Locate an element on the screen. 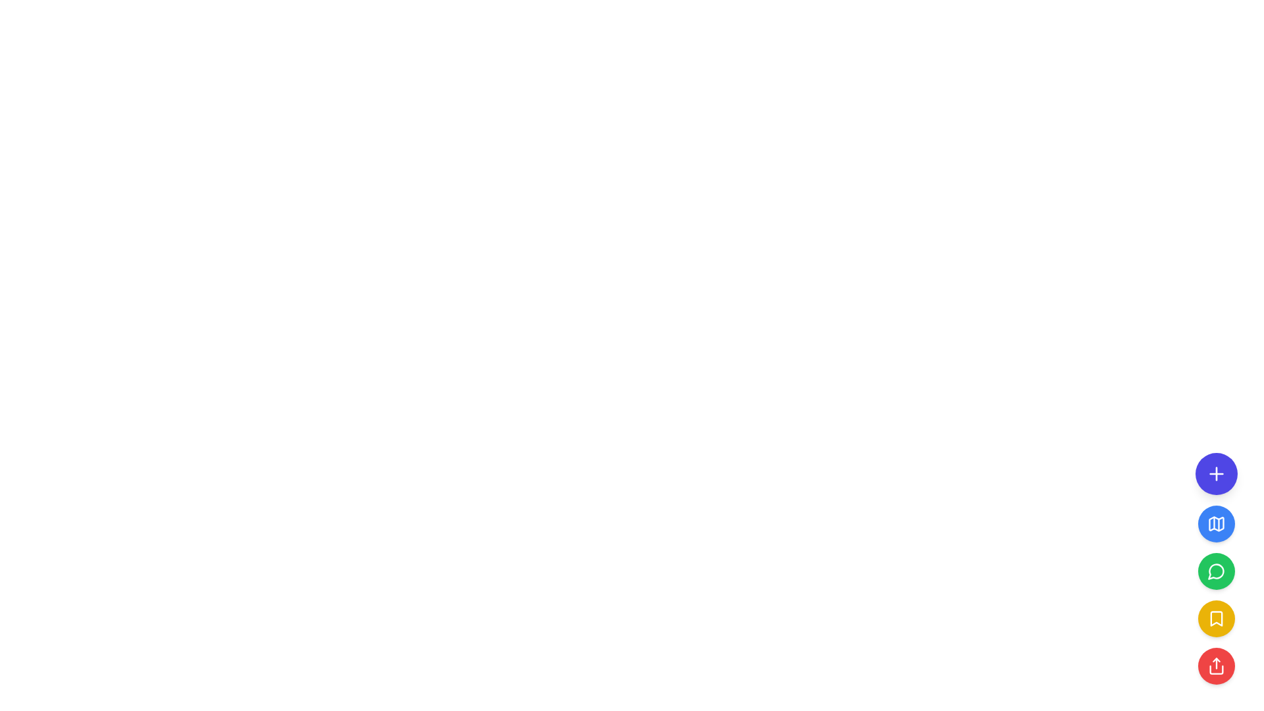 The width and height of the screenshot is (1264, 711). the circular purple button with a white '+' icon is located at coordinates (1216, 474).